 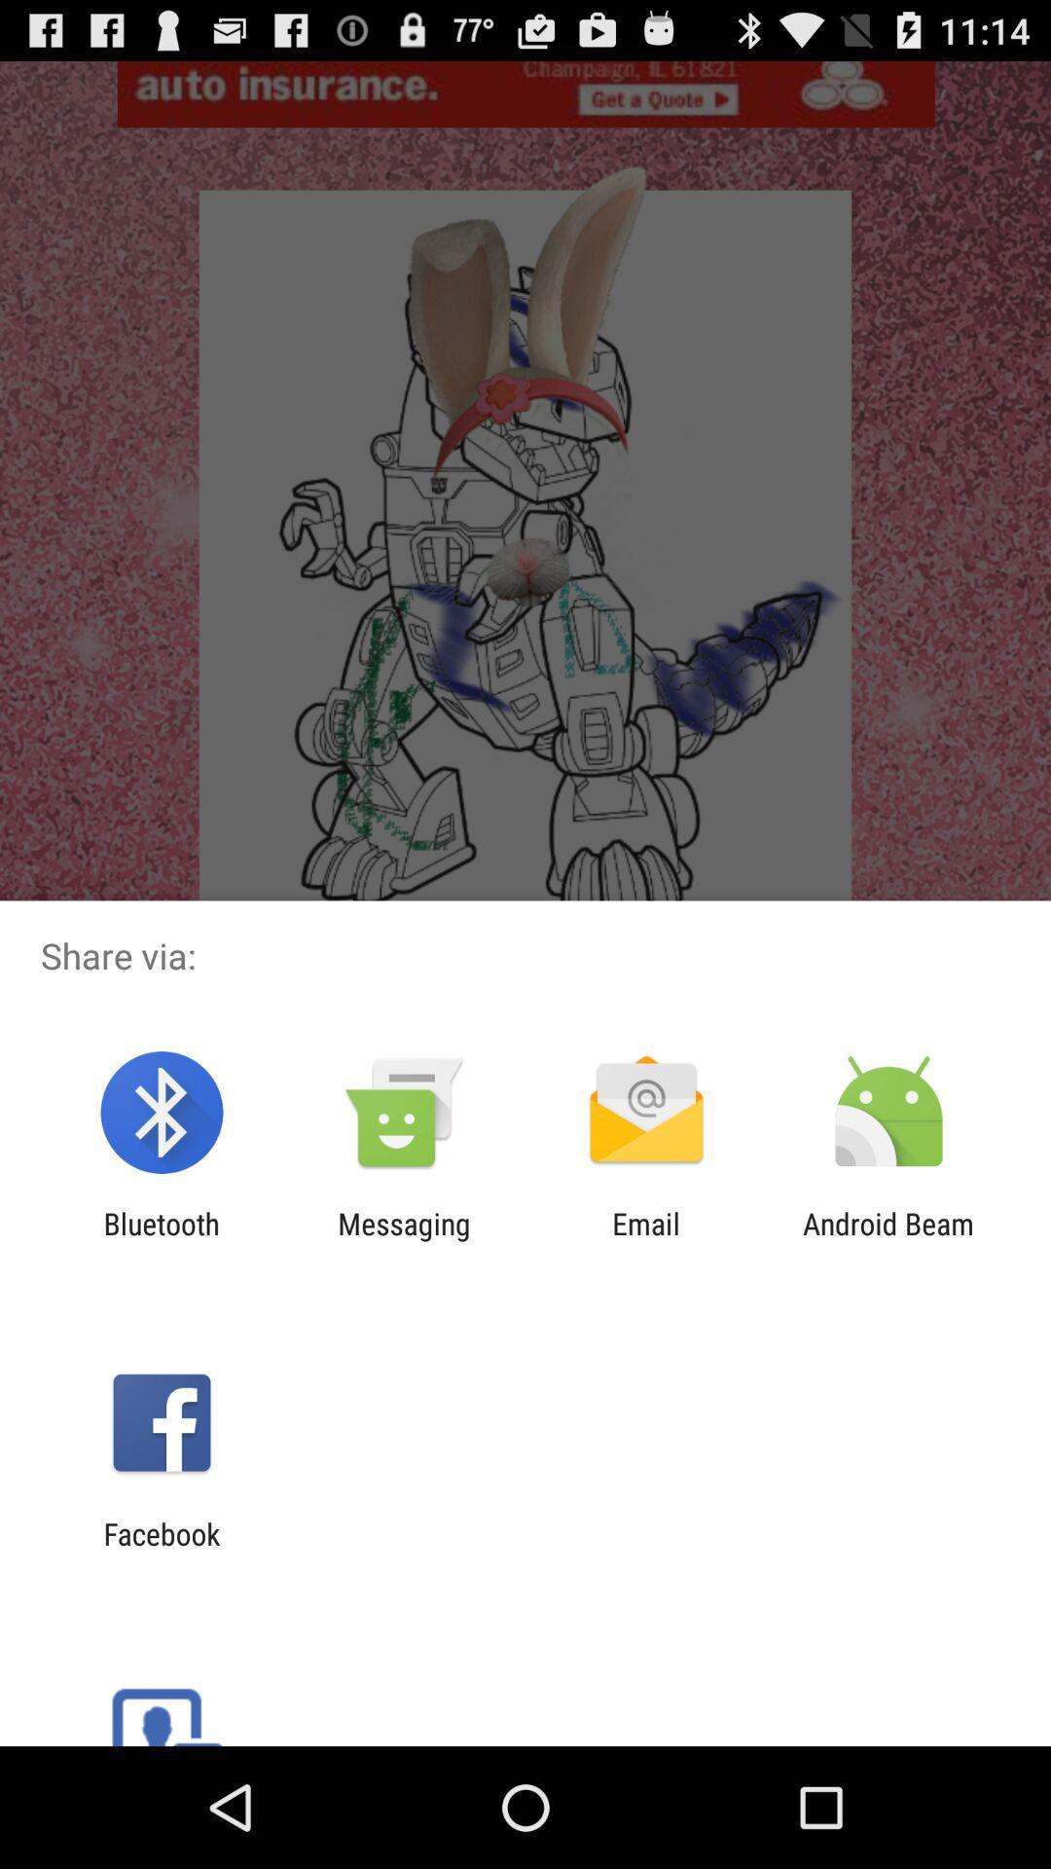 What do you see at coordinates (403, 1240) in the screenshot?
I see `icon next to the bluetooth` at bounding box center [403, 1240].